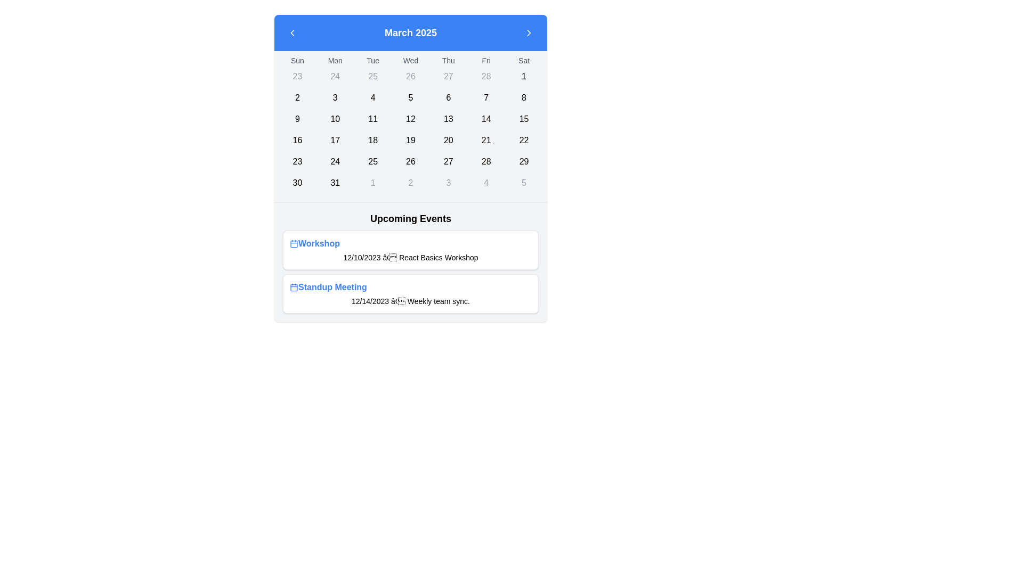 This screenshot has height=575, width=1023. I want to click on the navigation icon located in the top-right corner of the blue header labeled 'March 2025', so click(529, 32).